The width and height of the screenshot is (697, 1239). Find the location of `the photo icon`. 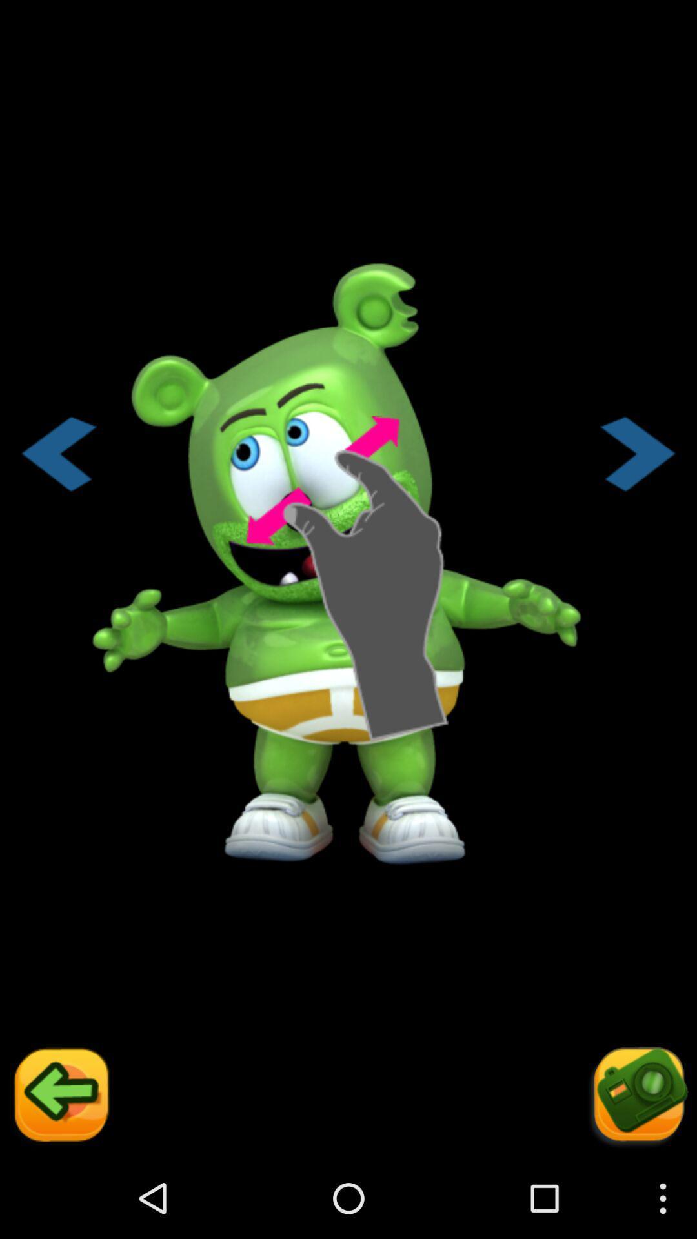

the photo icon is located at coordinates (636, 1175).